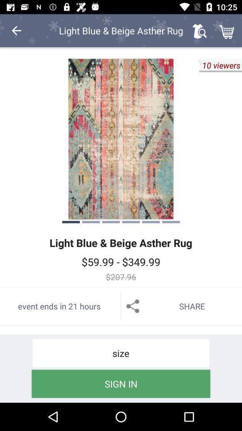 The width and height of the screenshot is (242, 431). Describe the element at coordinates (228, 31) in the screenshot. I see `the item above the 10 viewers` at that location.